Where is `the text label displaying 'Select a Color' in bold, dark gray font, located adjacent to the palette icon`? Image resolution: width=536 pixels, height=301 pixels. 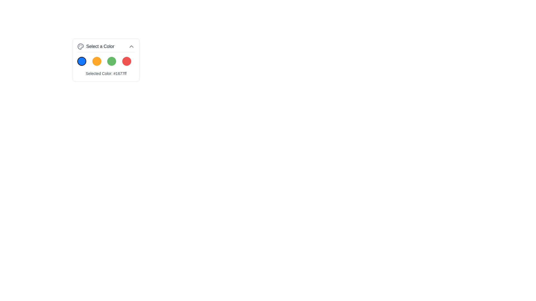 the text label displaying 'Select a Color' in bold, dark gray font, located adjacent to the palette icon is located at coordinates (100, 46).